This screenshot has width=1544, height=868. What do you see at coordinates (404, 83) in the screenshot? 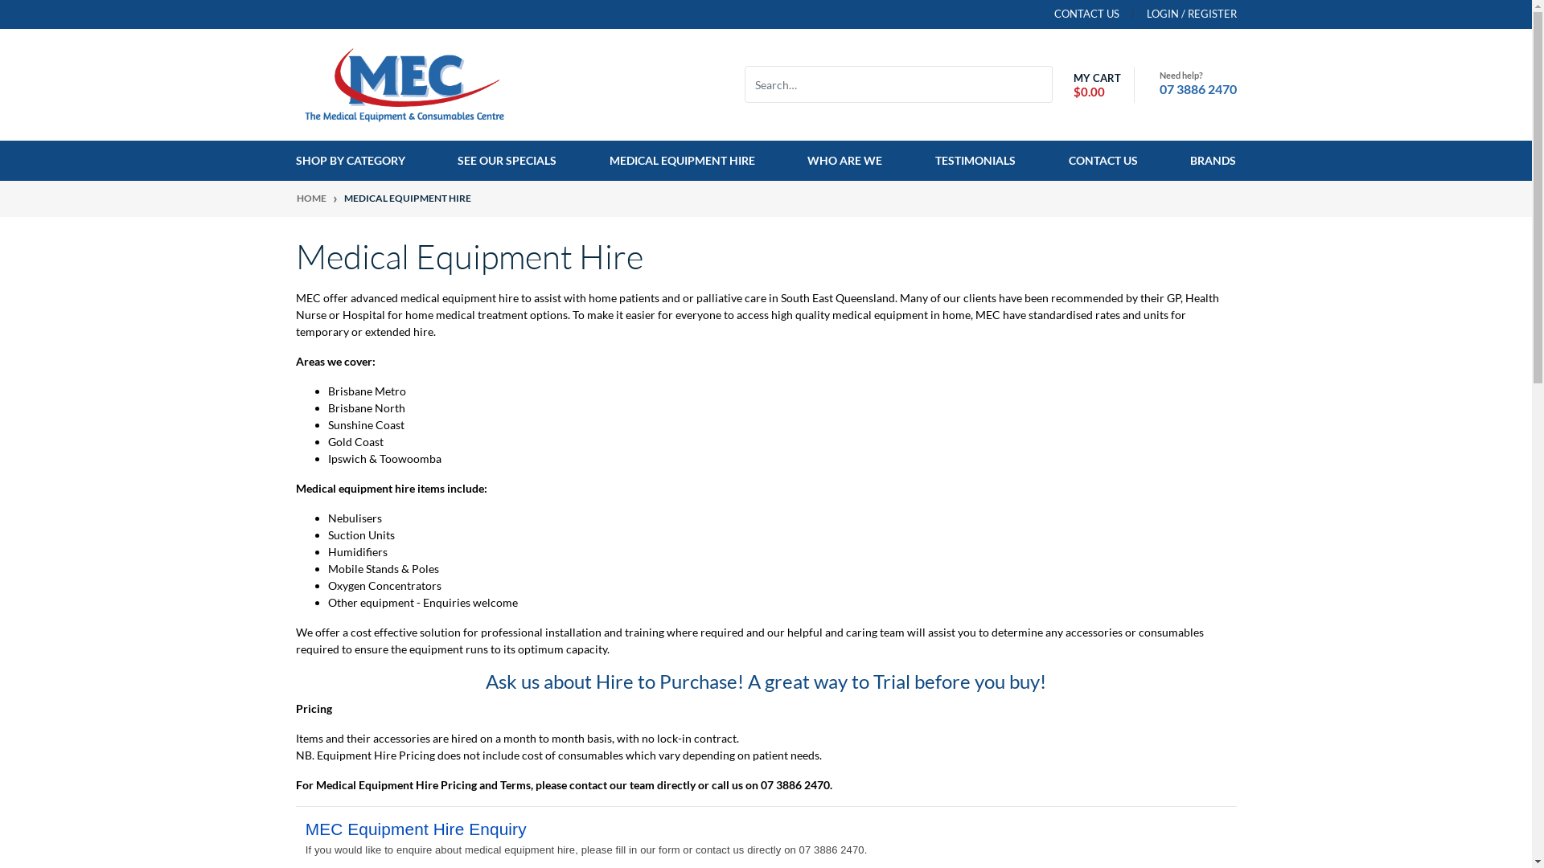
I see `'The Medical Equipment Centre'` at bounding box center [404, 83].